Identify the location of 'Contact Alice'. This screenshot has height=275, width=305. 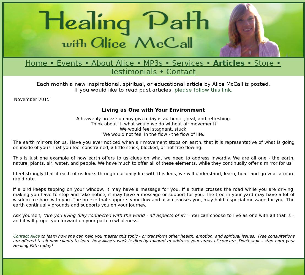
(26, 236).